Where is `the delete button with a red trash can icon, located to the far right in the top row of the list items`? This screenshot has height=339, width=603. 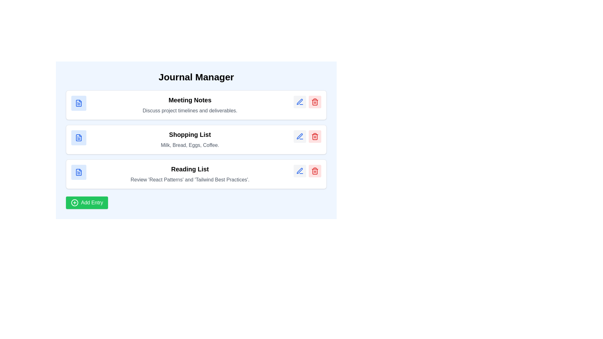
the delete button with a red trash can icon, located to the far right in the top row of the list items is located at coordinates (315, 101).